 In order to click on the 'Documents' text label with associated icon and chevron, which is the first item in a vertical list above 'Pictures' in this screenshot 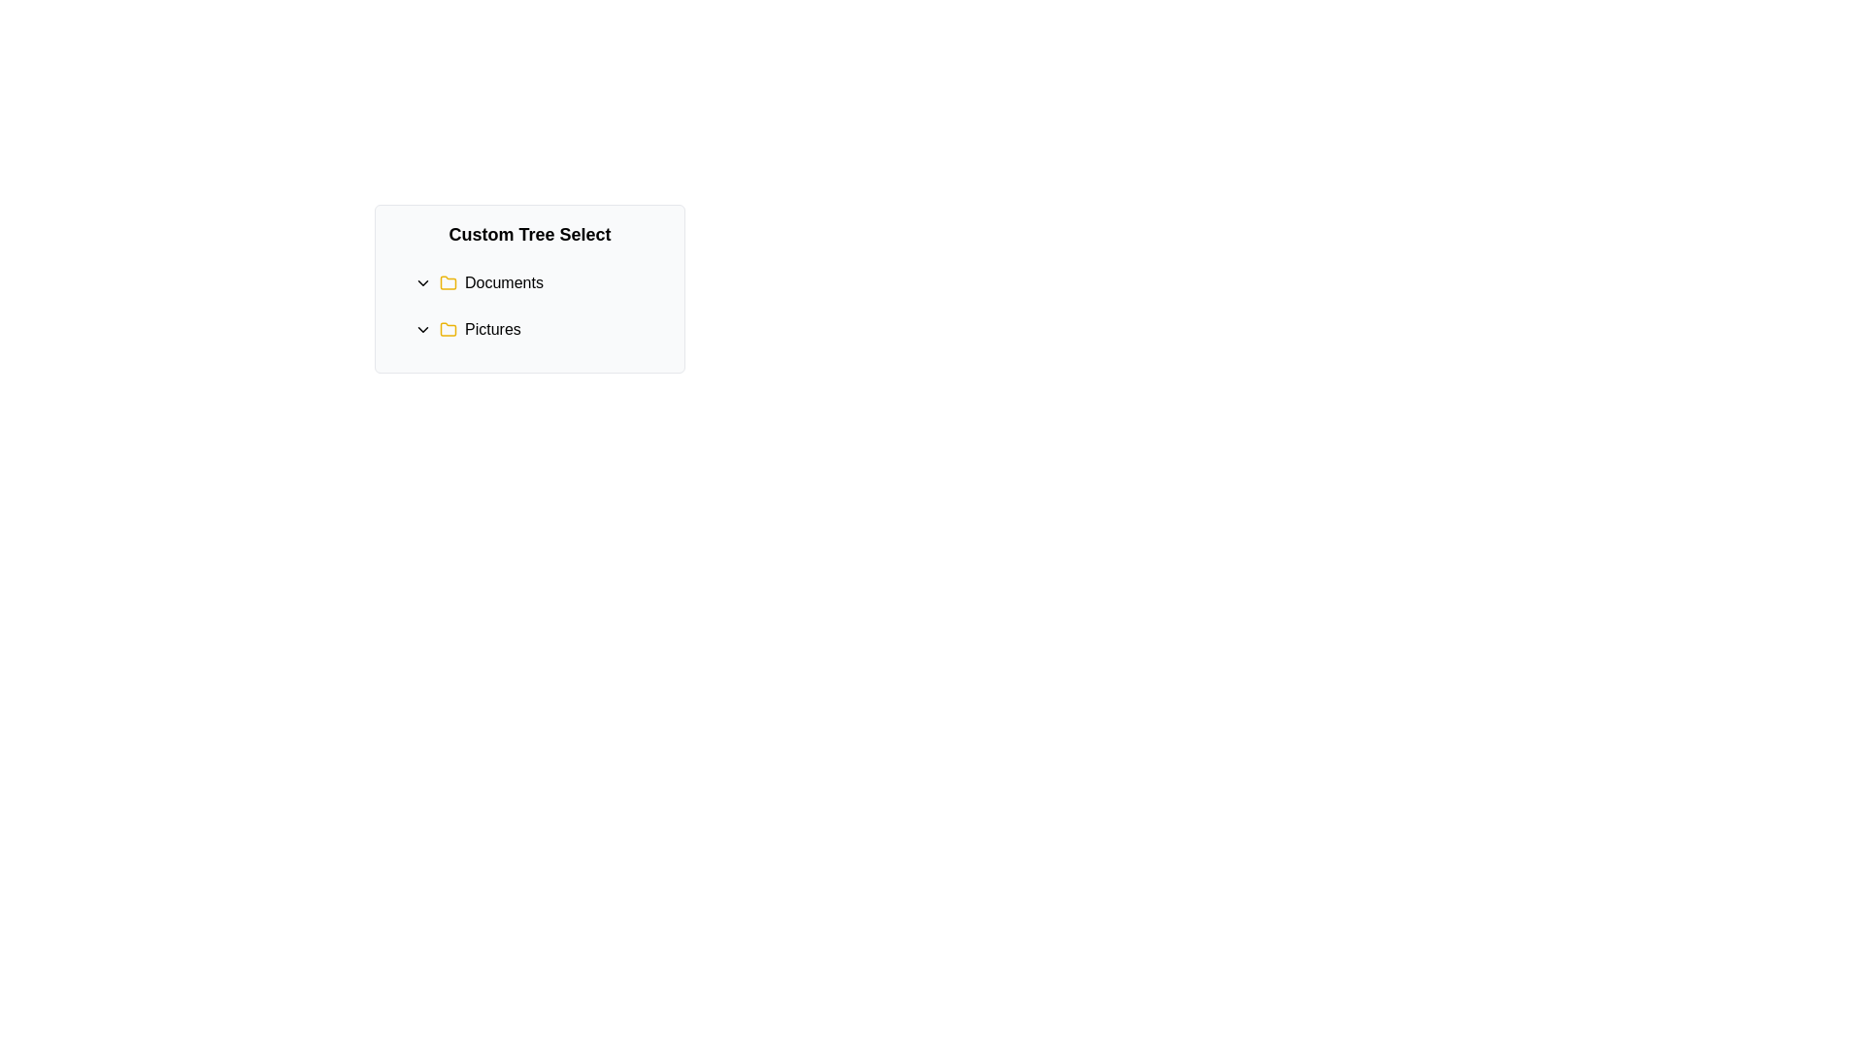, I will do `click(537, 283)`.